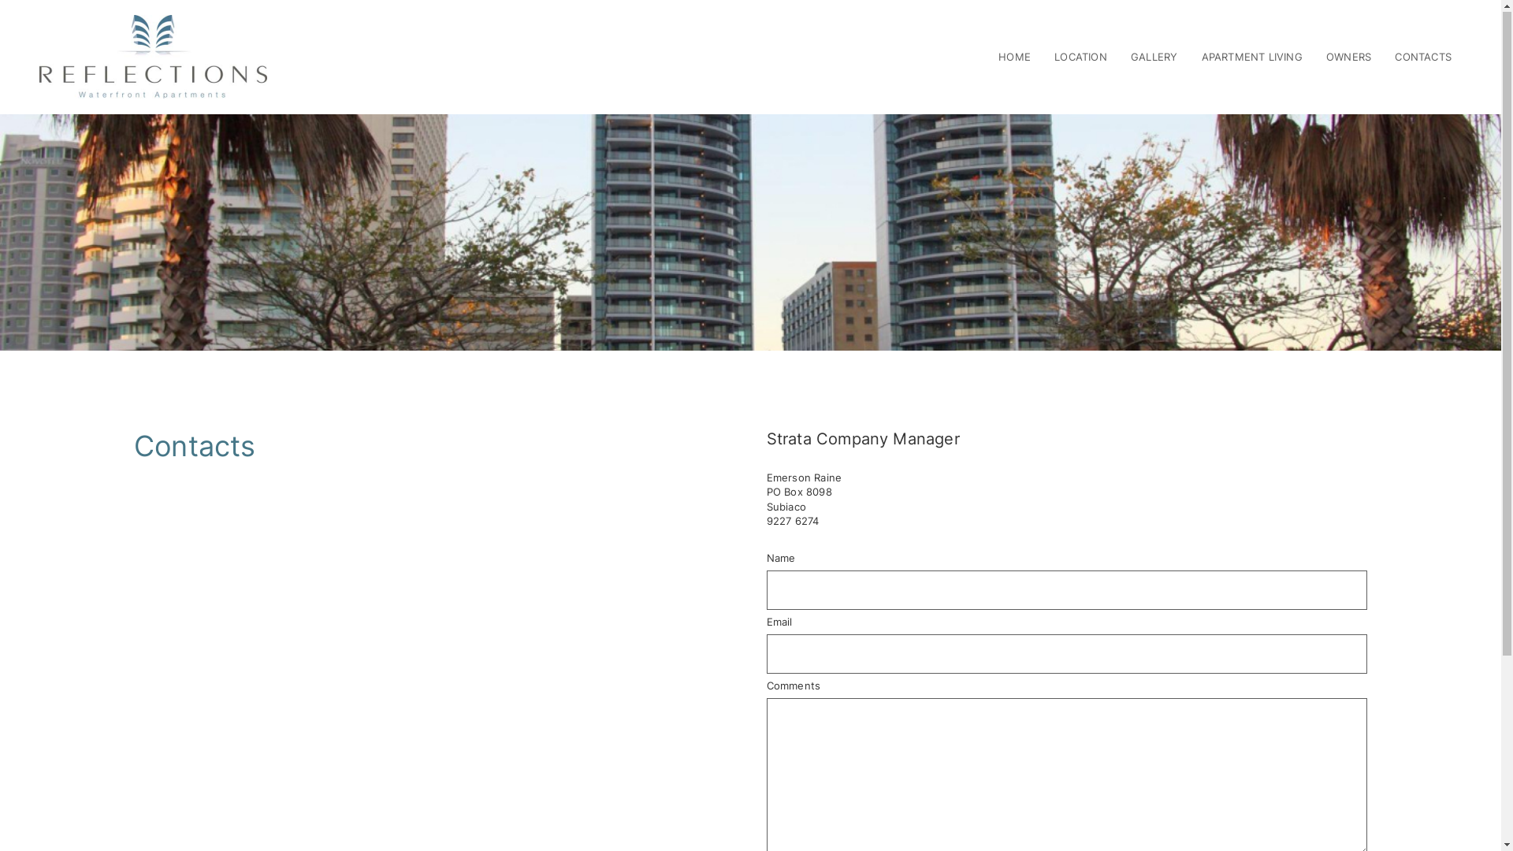 Image resolution: width=1513 pixels, height=851 pixels. I want to click on 'APARTMENT LIVING', so click(1201, 57).